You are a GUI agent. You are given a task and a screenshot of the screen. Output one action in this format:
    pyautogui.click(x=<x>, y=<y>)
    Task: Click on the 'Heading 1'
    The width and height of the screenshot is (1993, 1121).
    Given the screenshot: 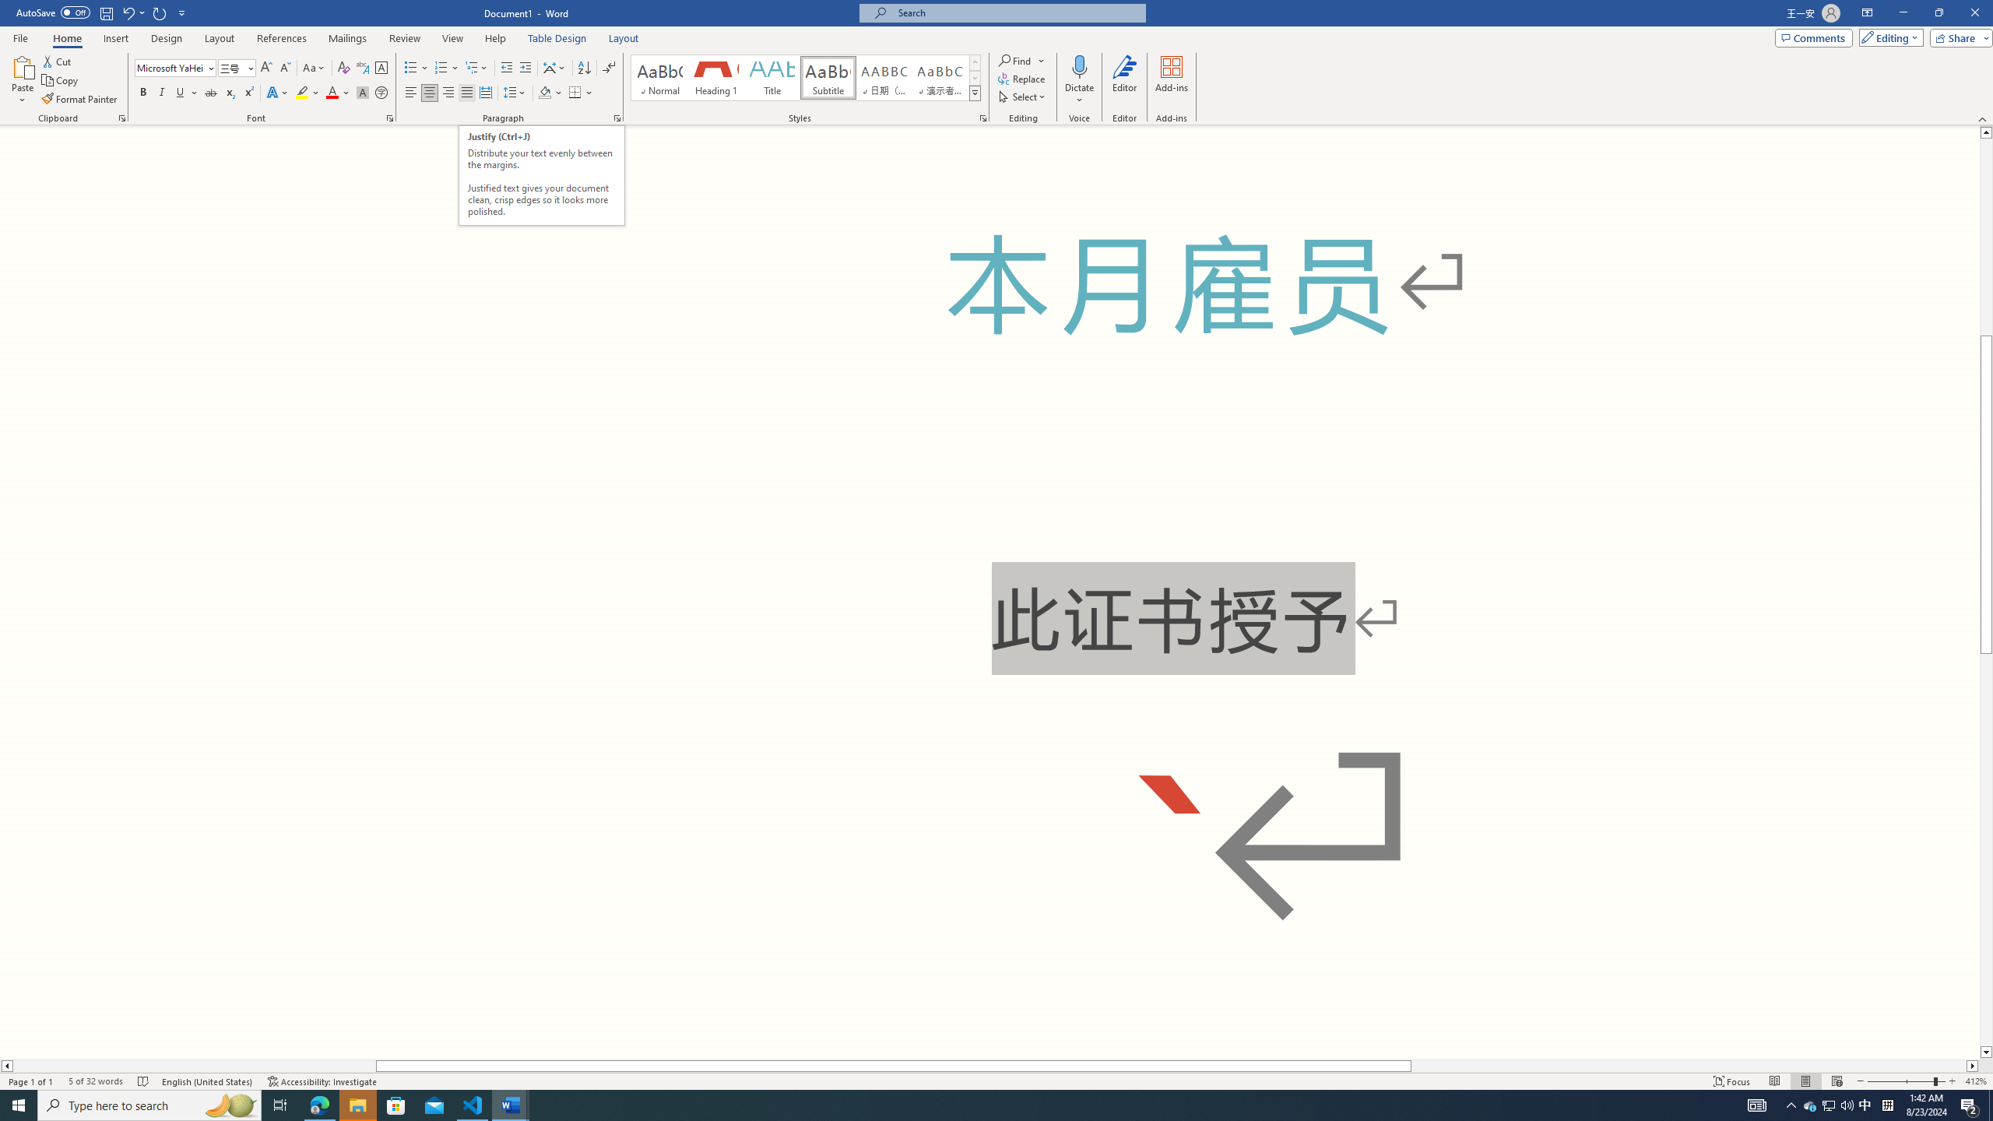 What is the action you would take?
    pyautogui.click(x=715, y=77)
    